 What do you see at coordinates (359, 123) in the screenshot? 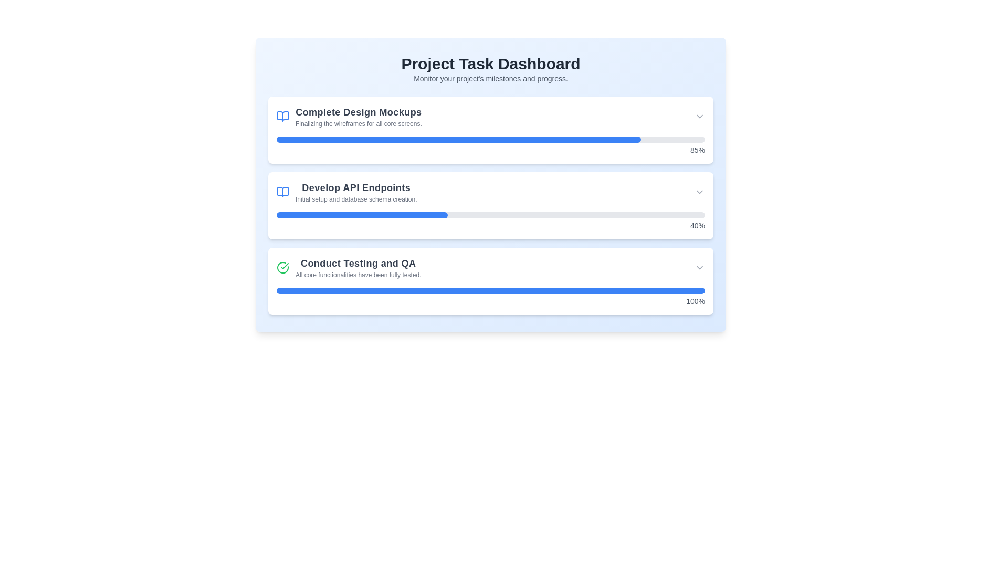
I see `description text located below the 'Complete Design Mockups' title in the topmost project task card` at bounding box center [359, 123].